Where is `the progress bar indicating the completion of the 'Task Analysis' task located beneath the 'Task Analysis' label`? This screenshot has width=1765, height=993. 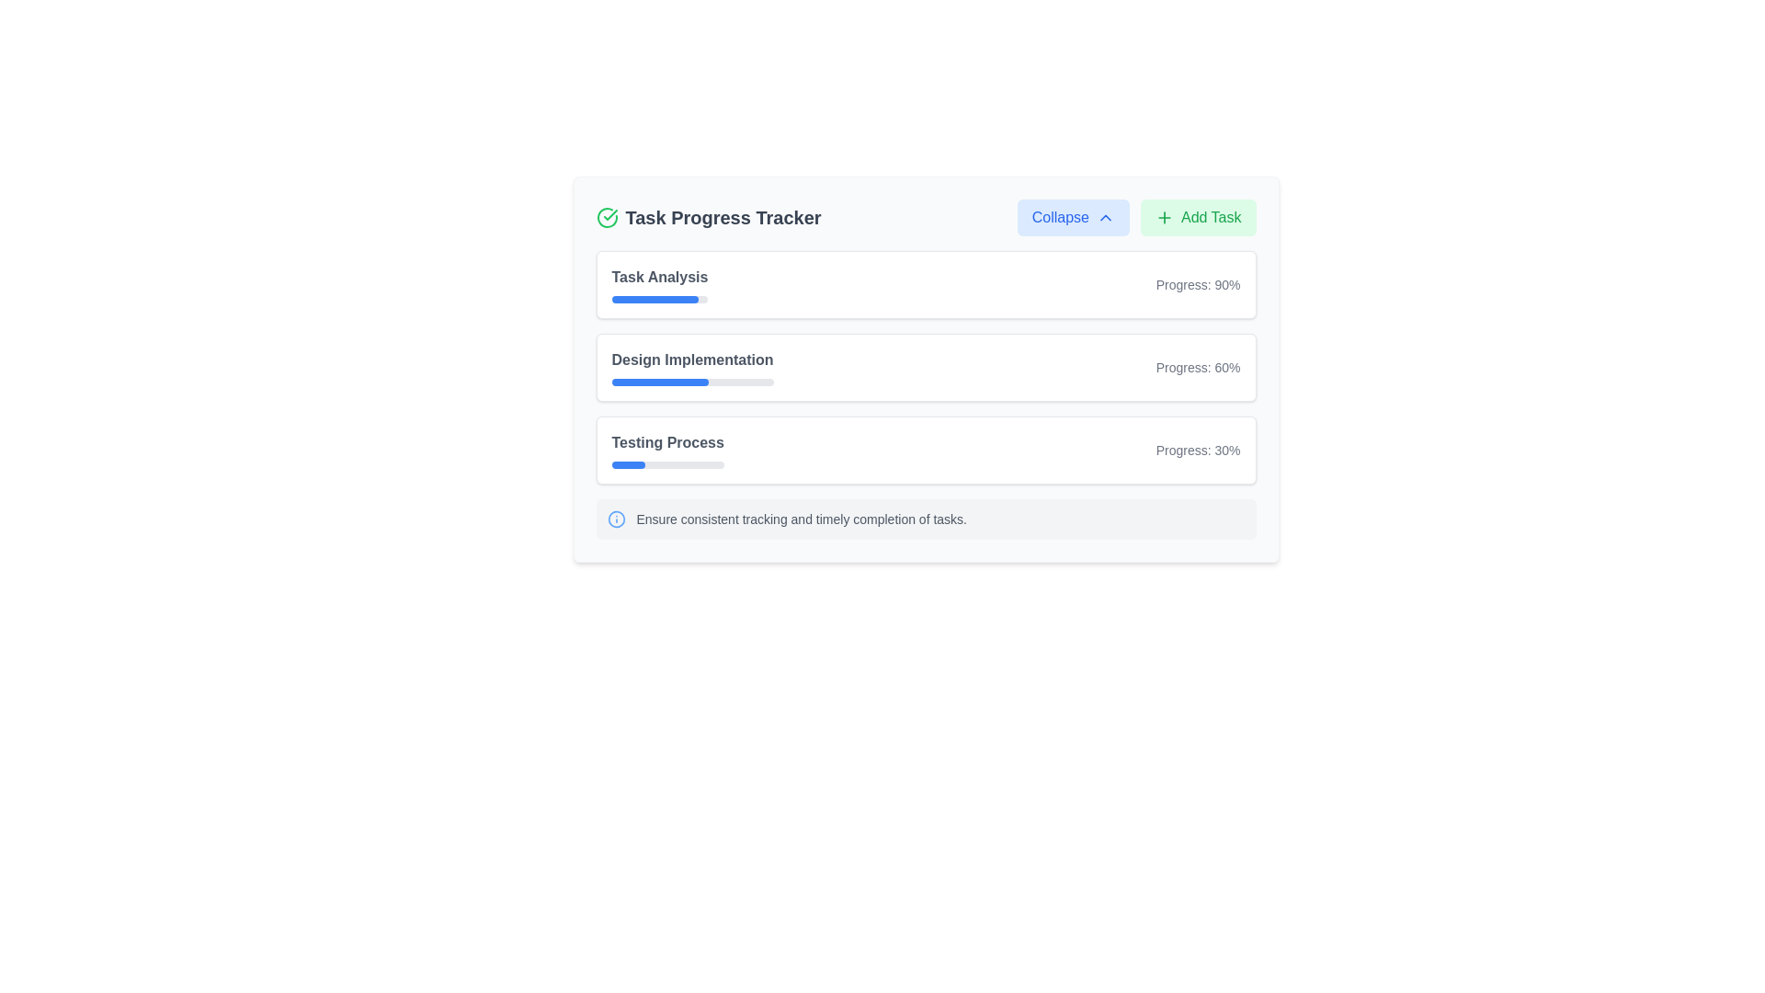
the progress bar indicating the completion of the 'Task Analysis' task located beneath the 'Task Analysis' label is located at coordinates (659, 299).